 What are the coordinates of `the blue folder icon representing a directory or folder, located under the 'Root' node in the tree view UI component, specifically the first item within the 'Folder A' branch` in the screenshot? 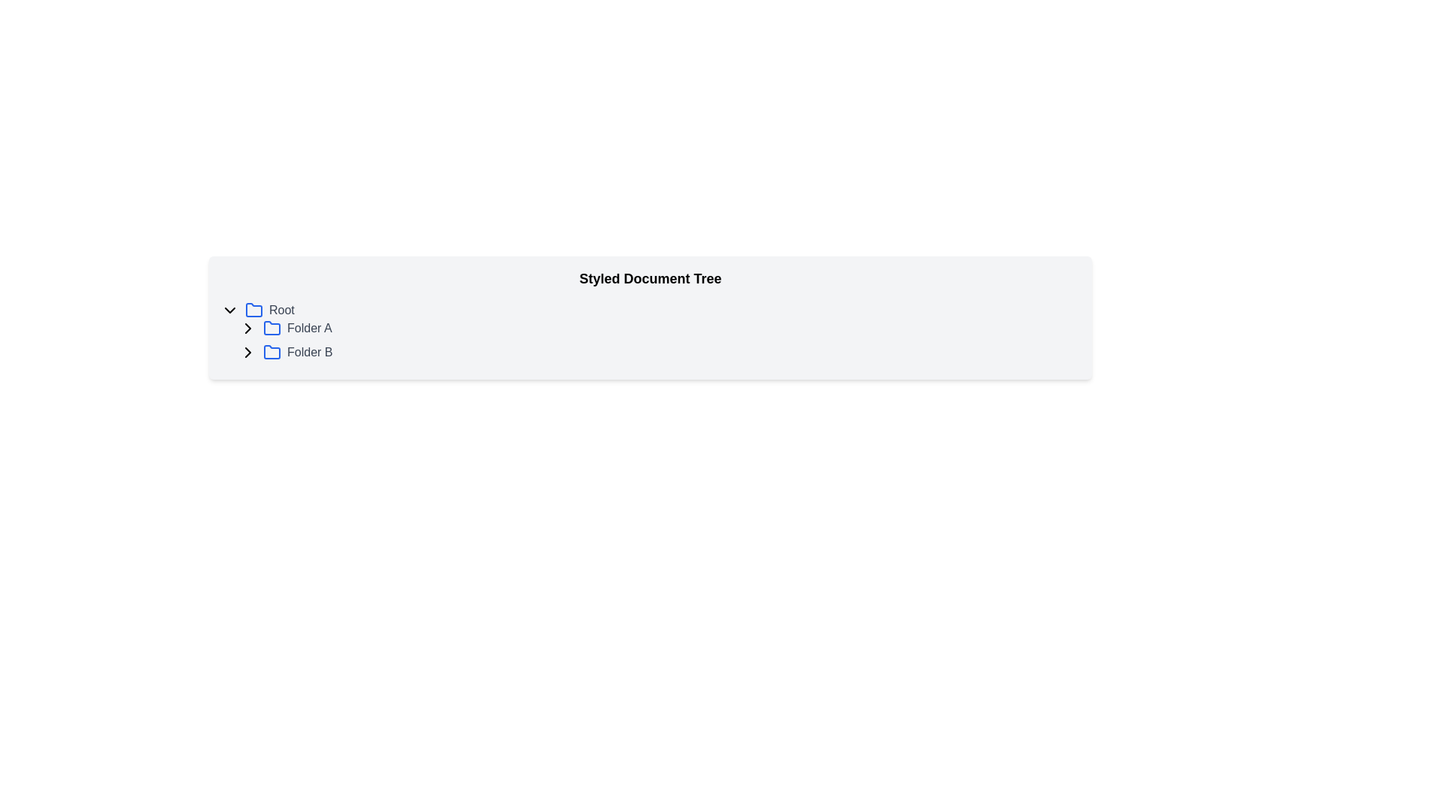 It's located at (272, 326).